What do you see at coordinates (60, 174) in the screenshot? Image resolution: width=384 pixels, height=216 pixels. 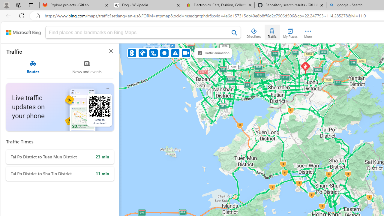 I see `'Tai Po District to Sha Tin District'` at bounding box center [60, 174].